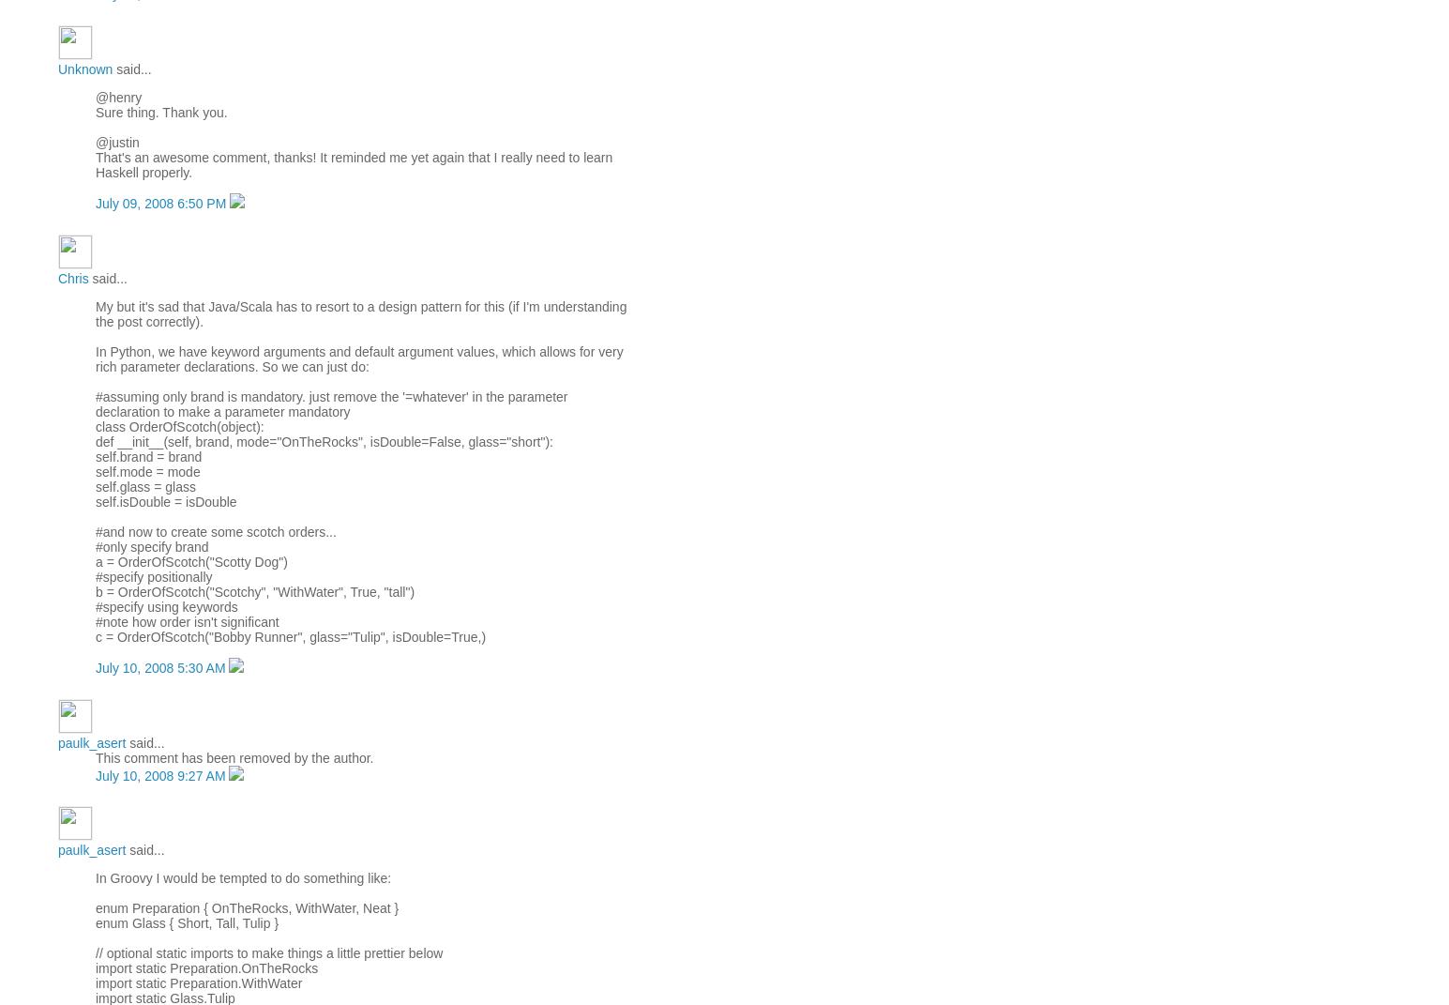  I want to click on 'def __init__(self, brand, mode="OnTheRocks", isDouble=False, glass="short"):', so click(323, 439).